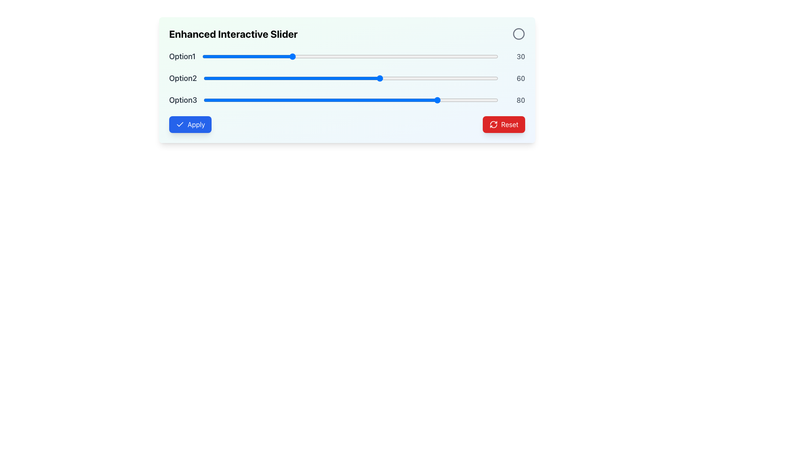  What do you see at coordinates (179, 125) in the screenshot?
I see `the graphical indicator icon located to the far left of the 'Apply' button, which signifies affirmation or completion` at bounding box center [179, 125].